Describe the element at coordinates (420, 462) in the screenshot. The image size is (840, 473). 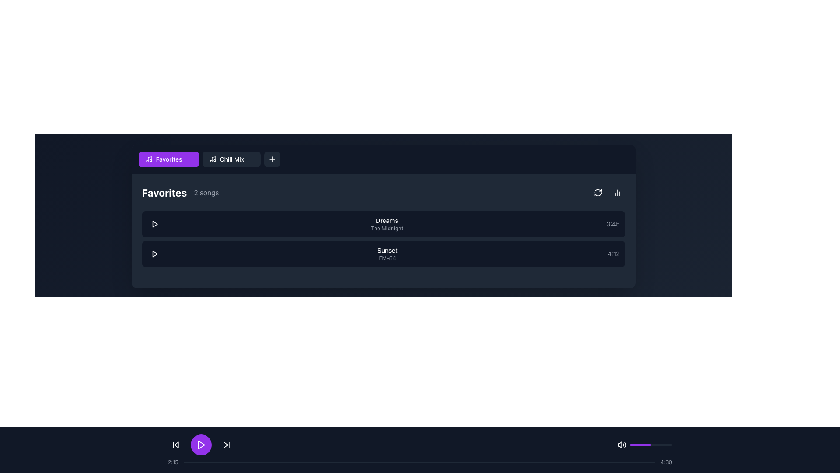
I see `the progress bar located at the bottom section of the interface` at that location.